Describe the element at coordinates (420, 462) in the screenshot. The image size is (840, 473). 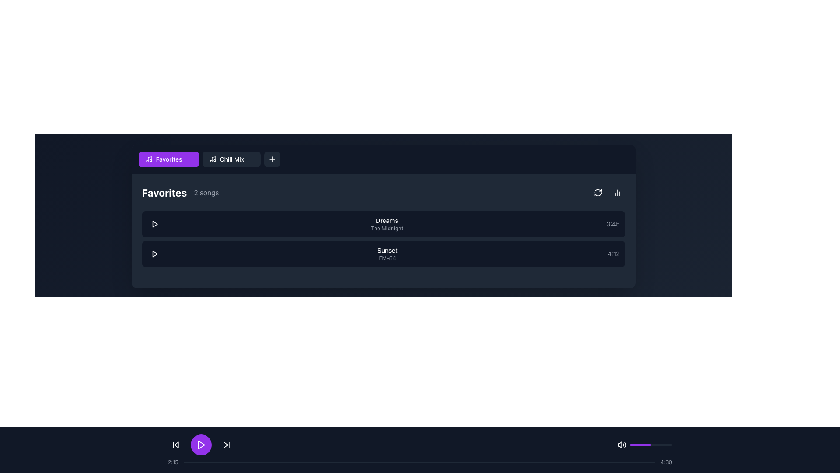
I see `the progress bar located at the bottom section of the interface` at that location.